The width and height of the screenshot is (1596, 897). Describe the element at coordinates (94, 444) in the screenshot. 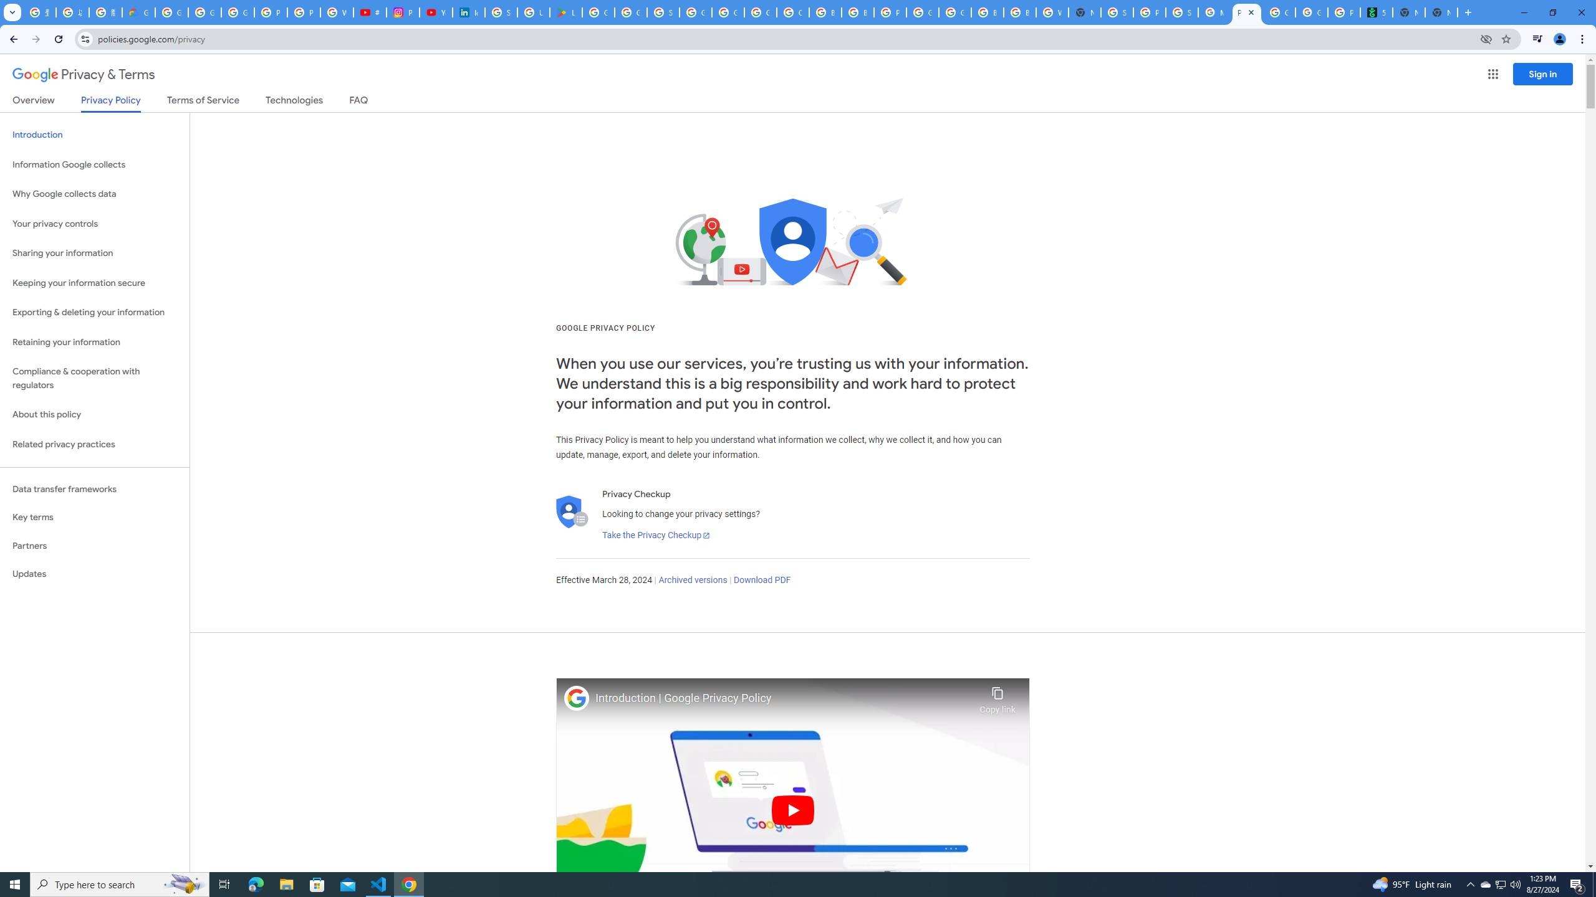

I see `'Related privacy practices'` at that location.